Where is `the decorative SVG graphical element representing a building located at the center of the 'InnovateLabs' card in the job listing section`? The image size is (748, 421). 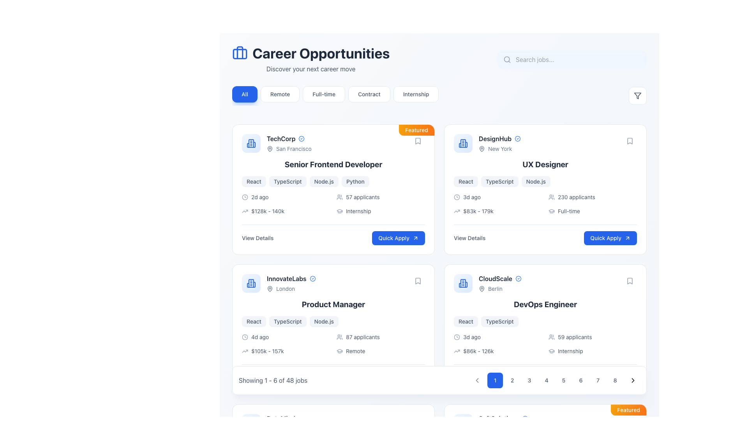 the decorative SVG graphical element representing a building located at the center of the 'InnovateLabs' card in the job listing section is located at coordinates (251, 283).